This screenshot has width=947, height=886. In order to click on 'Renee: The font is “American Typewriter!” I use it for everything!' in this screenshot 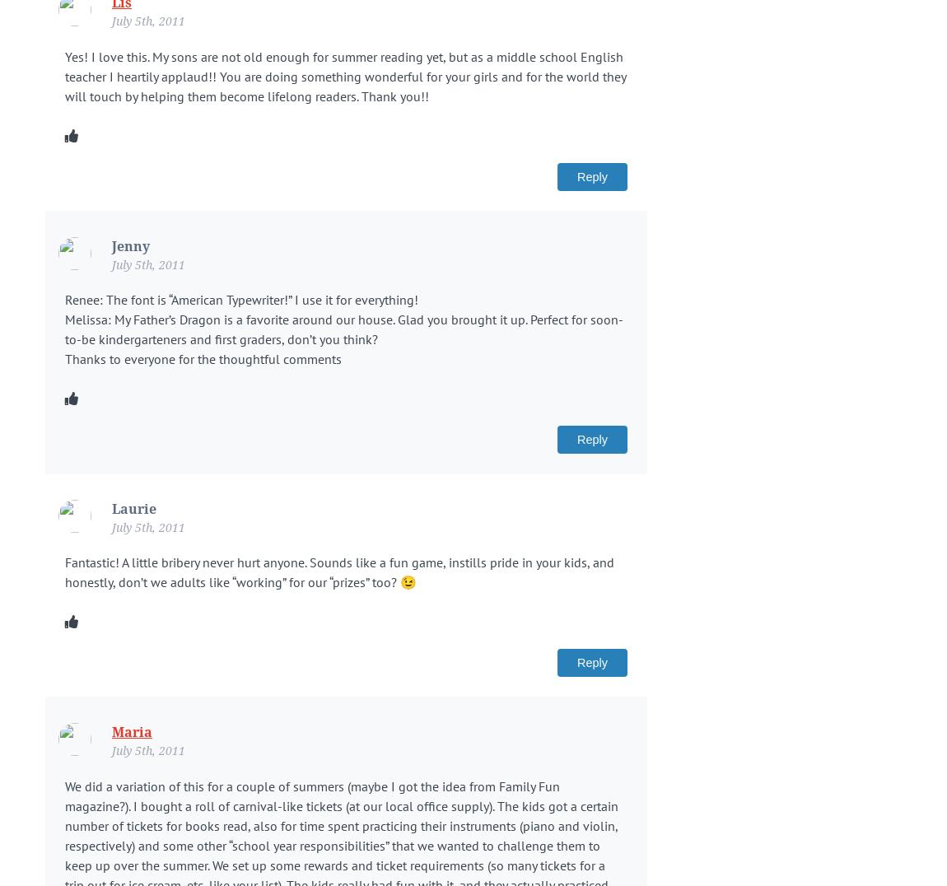, I will do `click(64, 299)`.